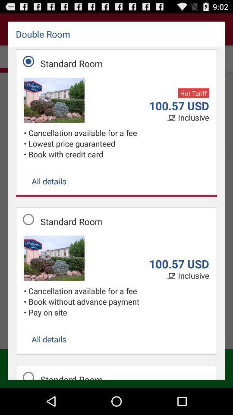 The image size is (233, 415). What do you see at coordinates (172, 118) in the screenshot?
I see `icon to the left of inclusive item` at bounding box center [172, 118].